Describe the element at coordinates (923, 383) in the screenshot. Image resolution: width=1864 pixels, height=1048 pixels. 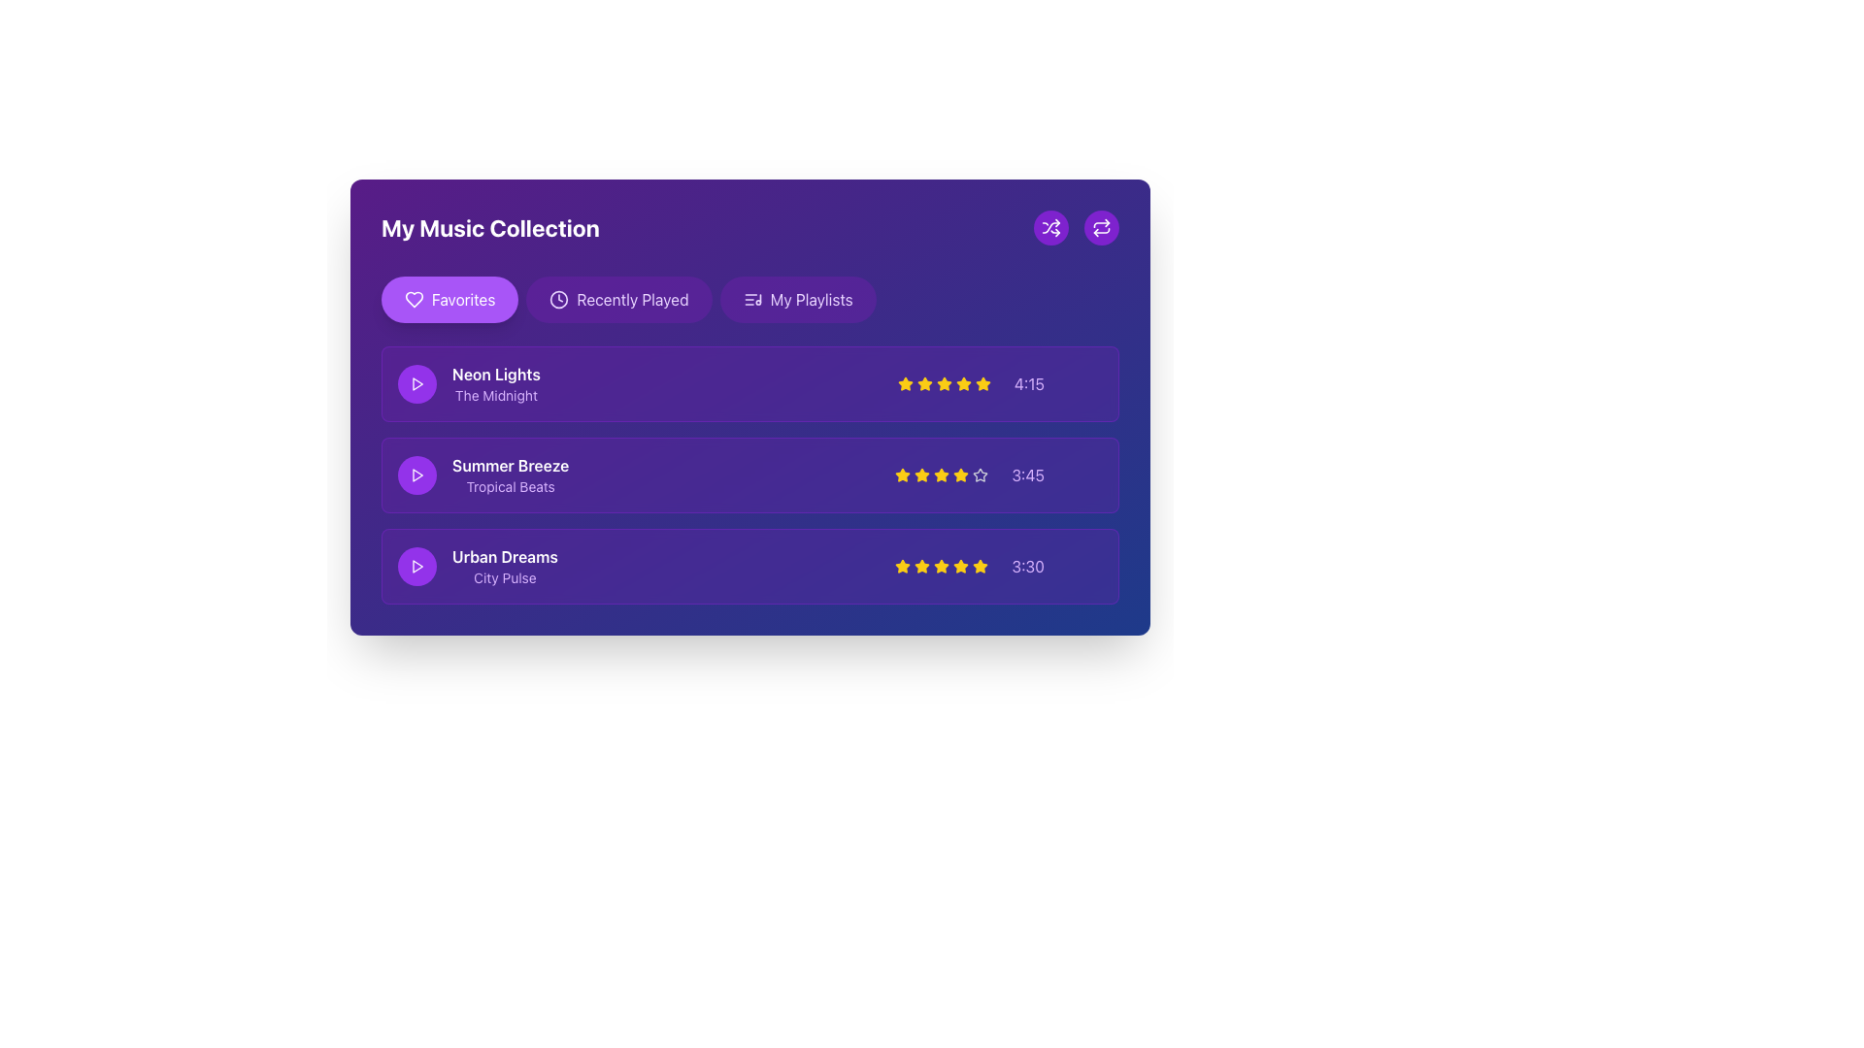
I see `the first star icon in the rating interface for the 'Neon Lights' song entry located in the 'Favorites' tab of the 'My Music Collection' interface` at that location.